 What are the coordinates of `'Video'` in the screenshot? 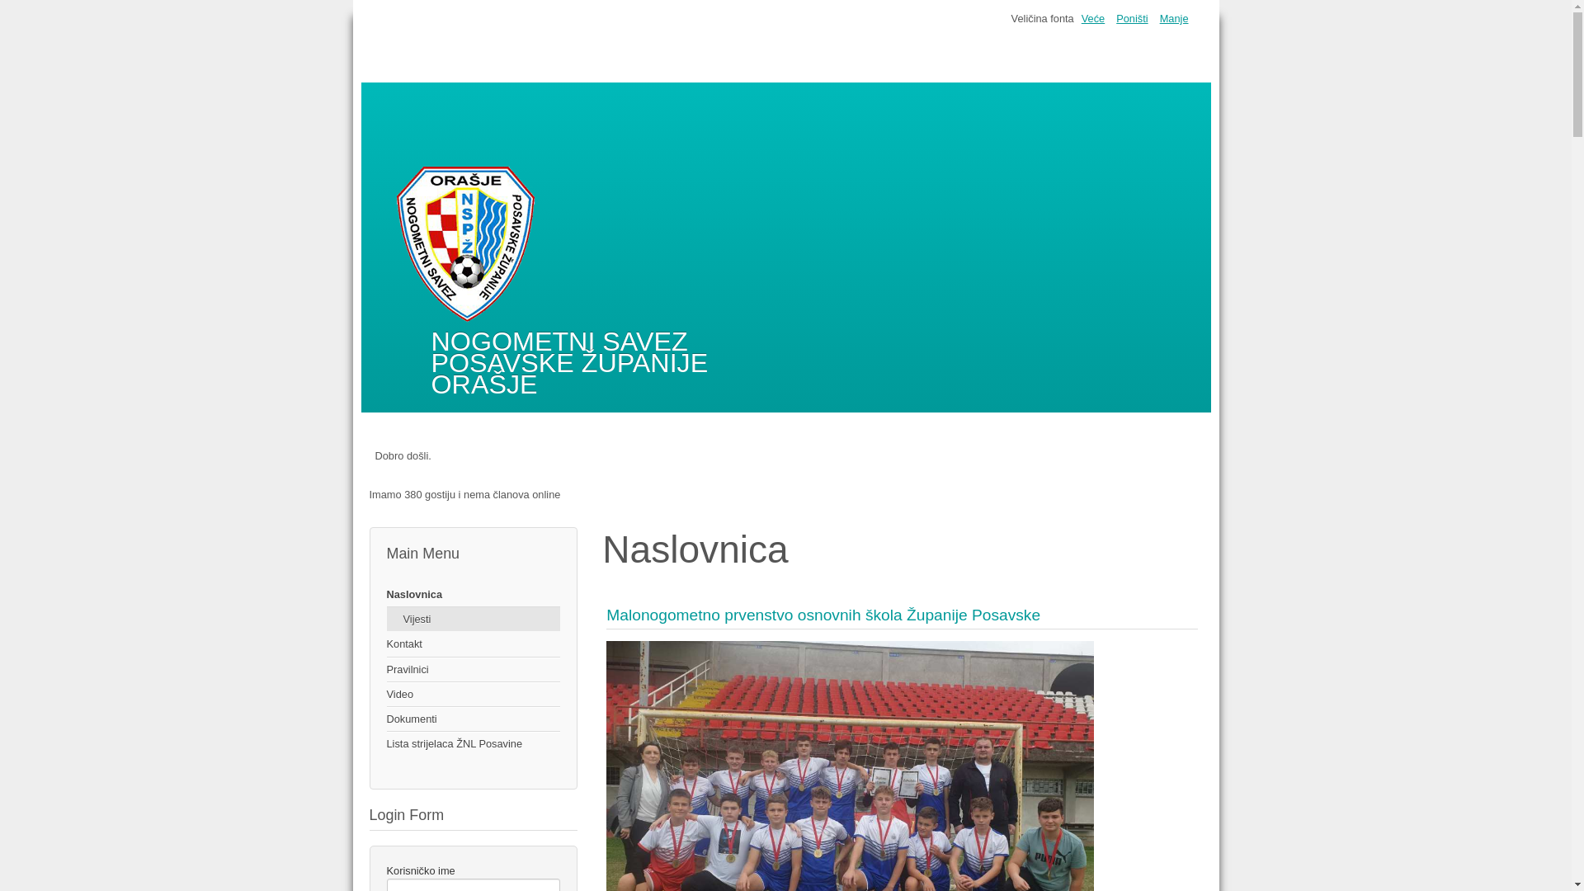 It's located at (472, 694).